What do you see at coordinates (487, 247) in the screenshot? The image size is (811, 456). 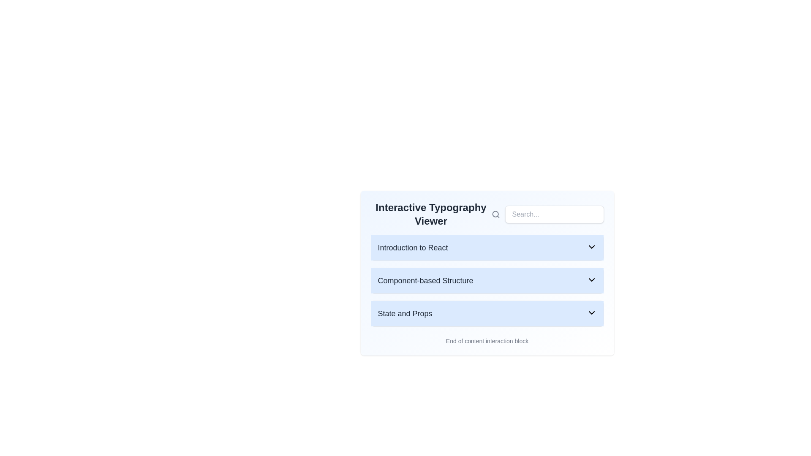 I see `the 'Introduction to React' dropdown toggle button with a light blue background` at bounding box center [487, 247].